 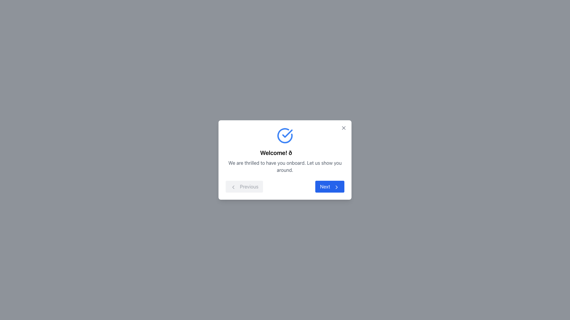 What do you see at coordinates (233, 187) in the screenshot?
I see `the 'Previous' button icon located in the bottom-left of the modal window, which indicates a backward navigation action` at bounding box center [233, 187].